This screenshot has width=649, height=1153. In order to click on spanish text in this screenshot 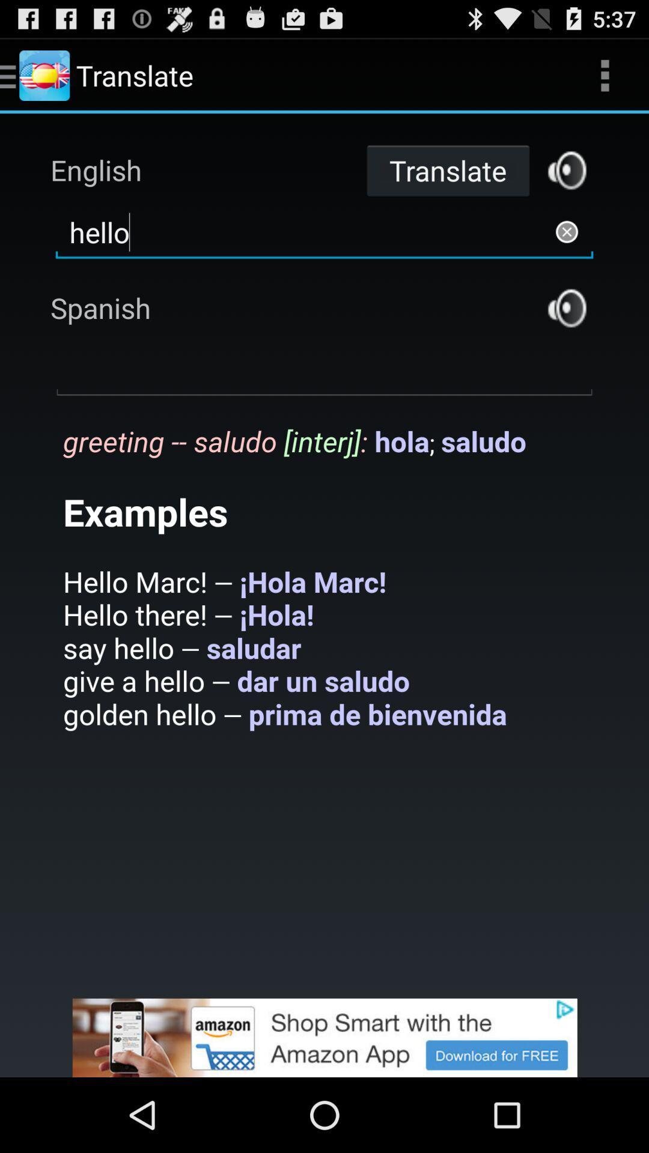, I will do `click(324, 370)`.